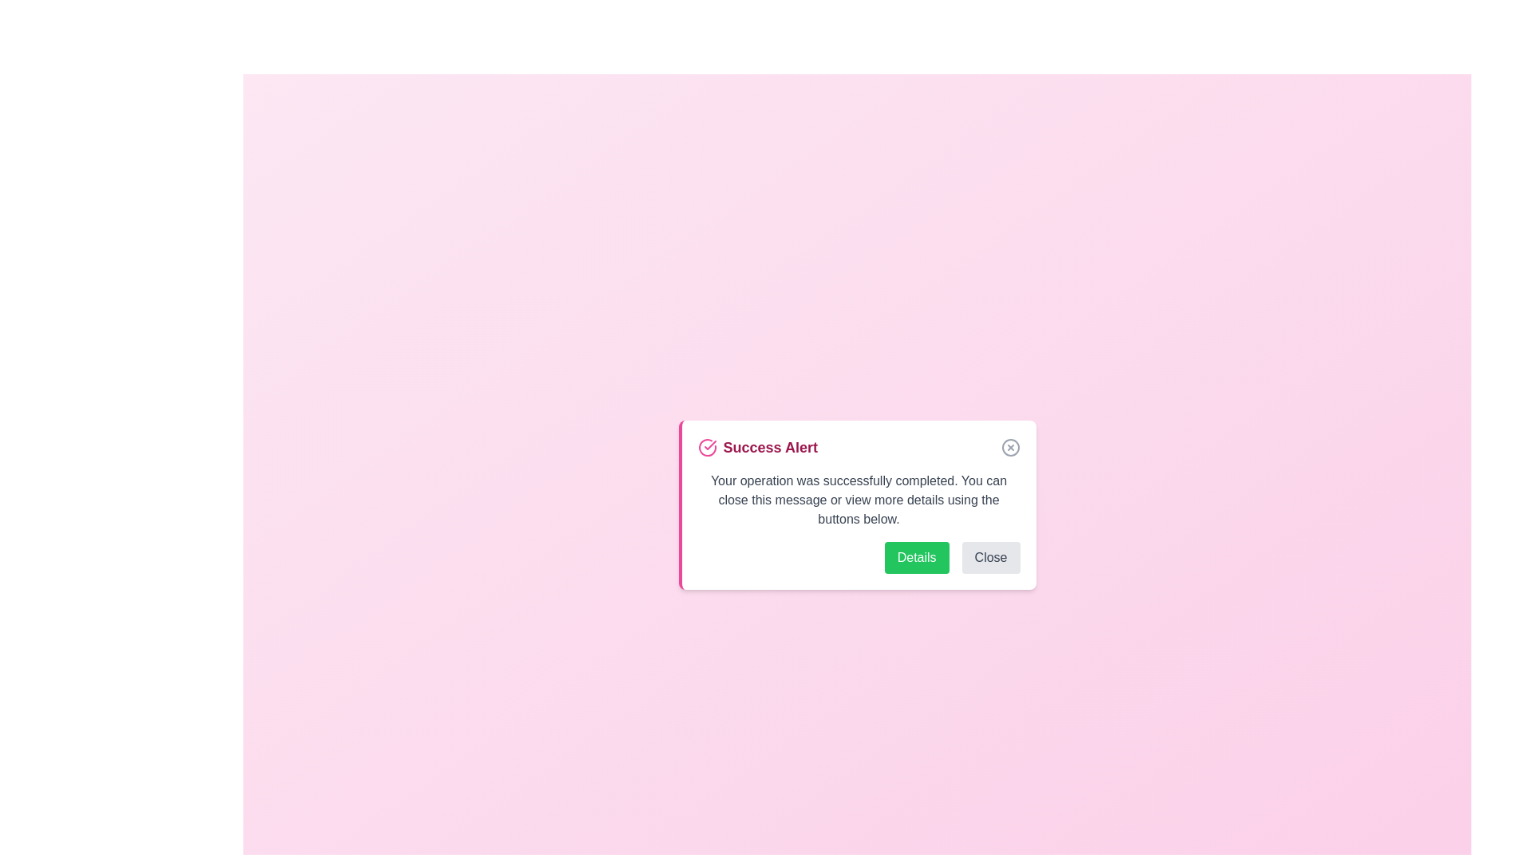 Image resolution: width=1532 pixels, height=862 pixels. Describe the element at coordinates (916, 556) in the screenshot. I see `the 'Details' button to view additional information` at that location.